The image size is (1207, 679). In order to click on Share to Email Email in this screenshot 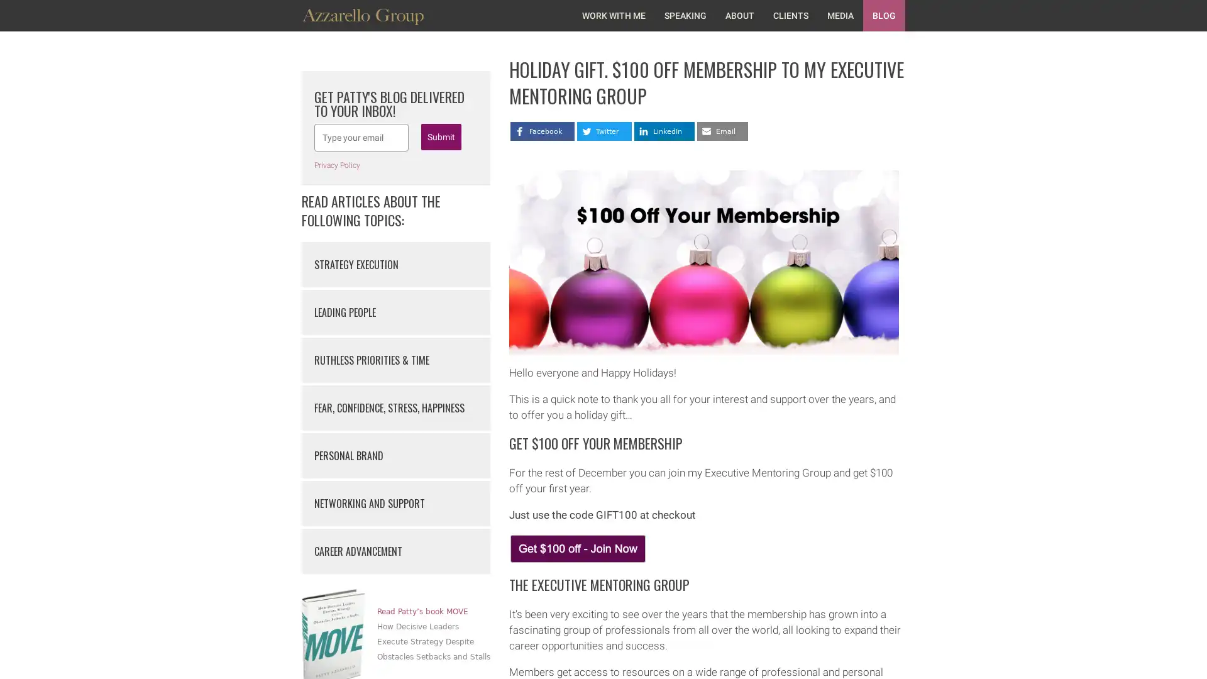, I will do `click(722, 131)`.